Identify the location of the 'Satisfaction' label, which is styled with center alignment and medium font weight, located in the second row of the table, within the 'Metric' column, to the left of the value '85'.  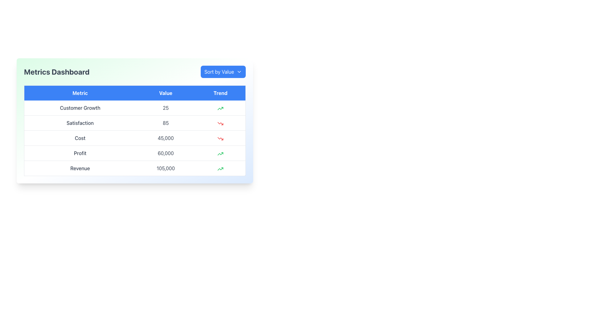
(80, 123).